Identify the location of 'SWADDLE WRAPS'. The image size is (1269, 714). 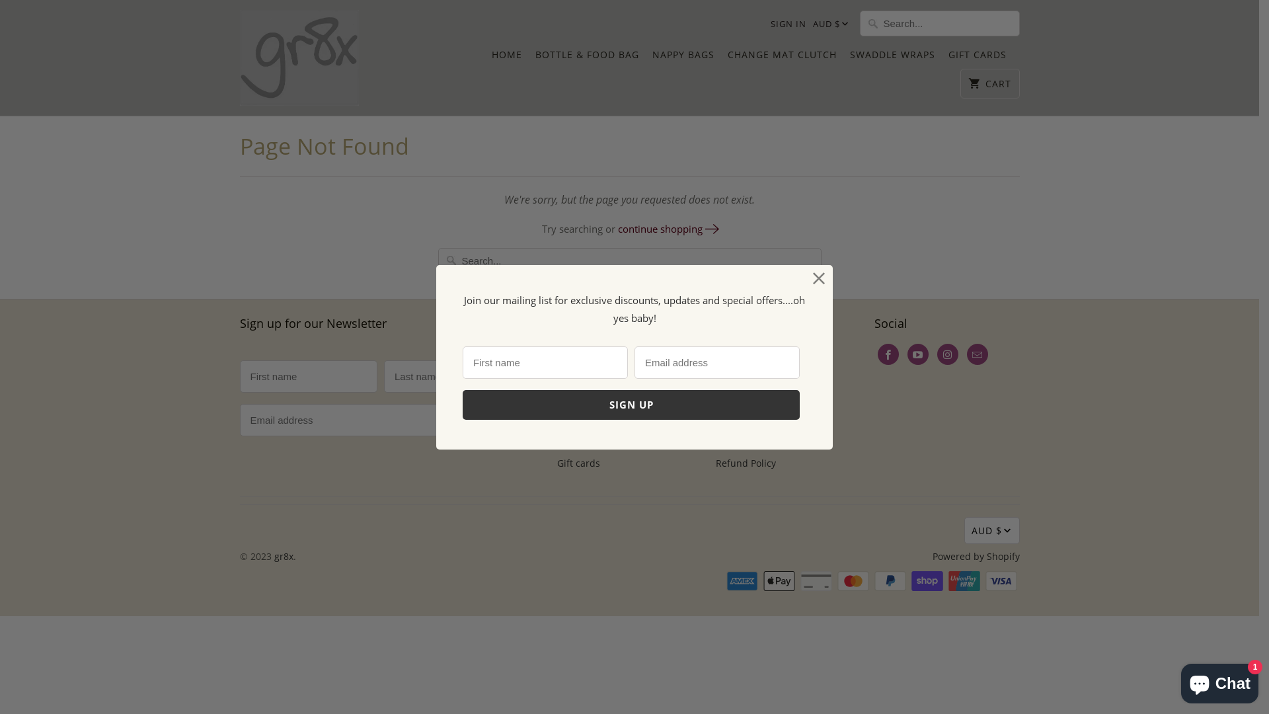
(892, 58).